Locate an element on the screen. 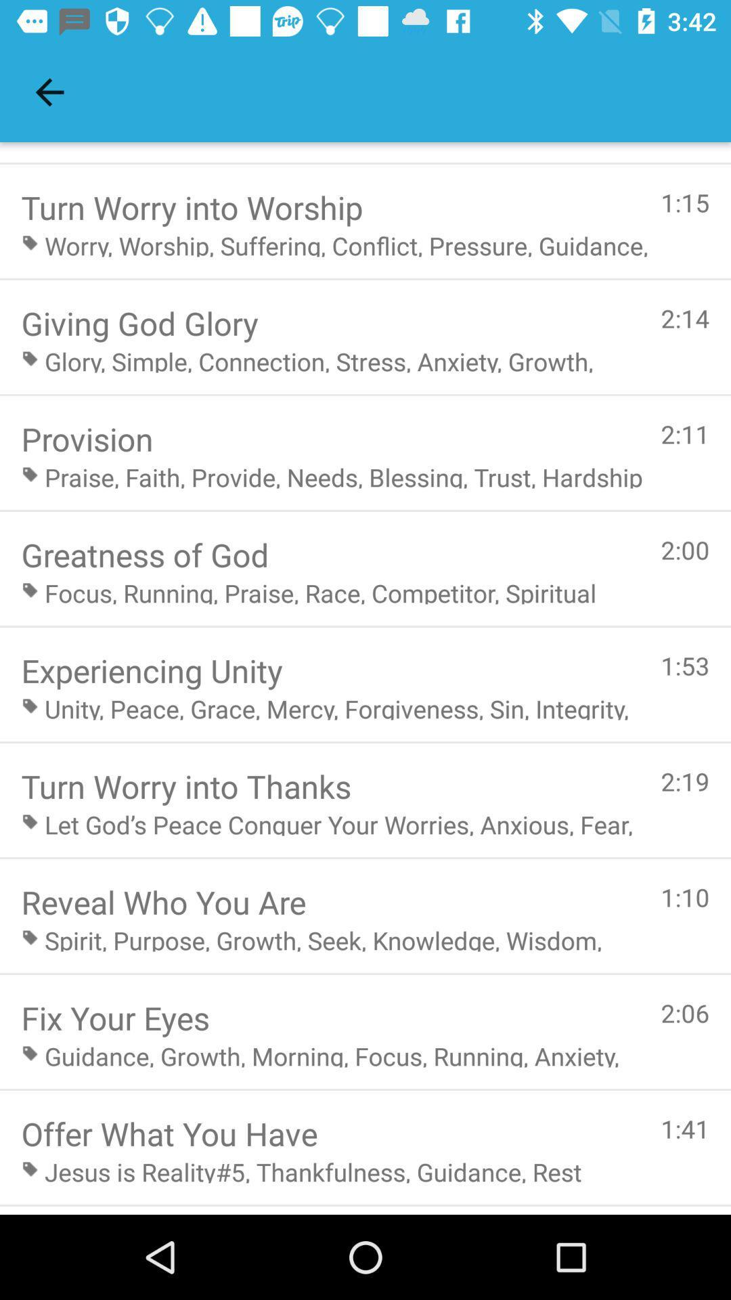 This screenshot has width=731, height=1300. icon above the turn worry into item is located at coordinates (49, 91).